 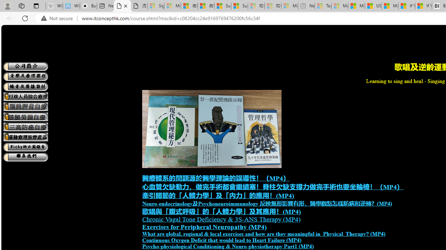 I want to click on 'Back', so click(x=8, y=18).